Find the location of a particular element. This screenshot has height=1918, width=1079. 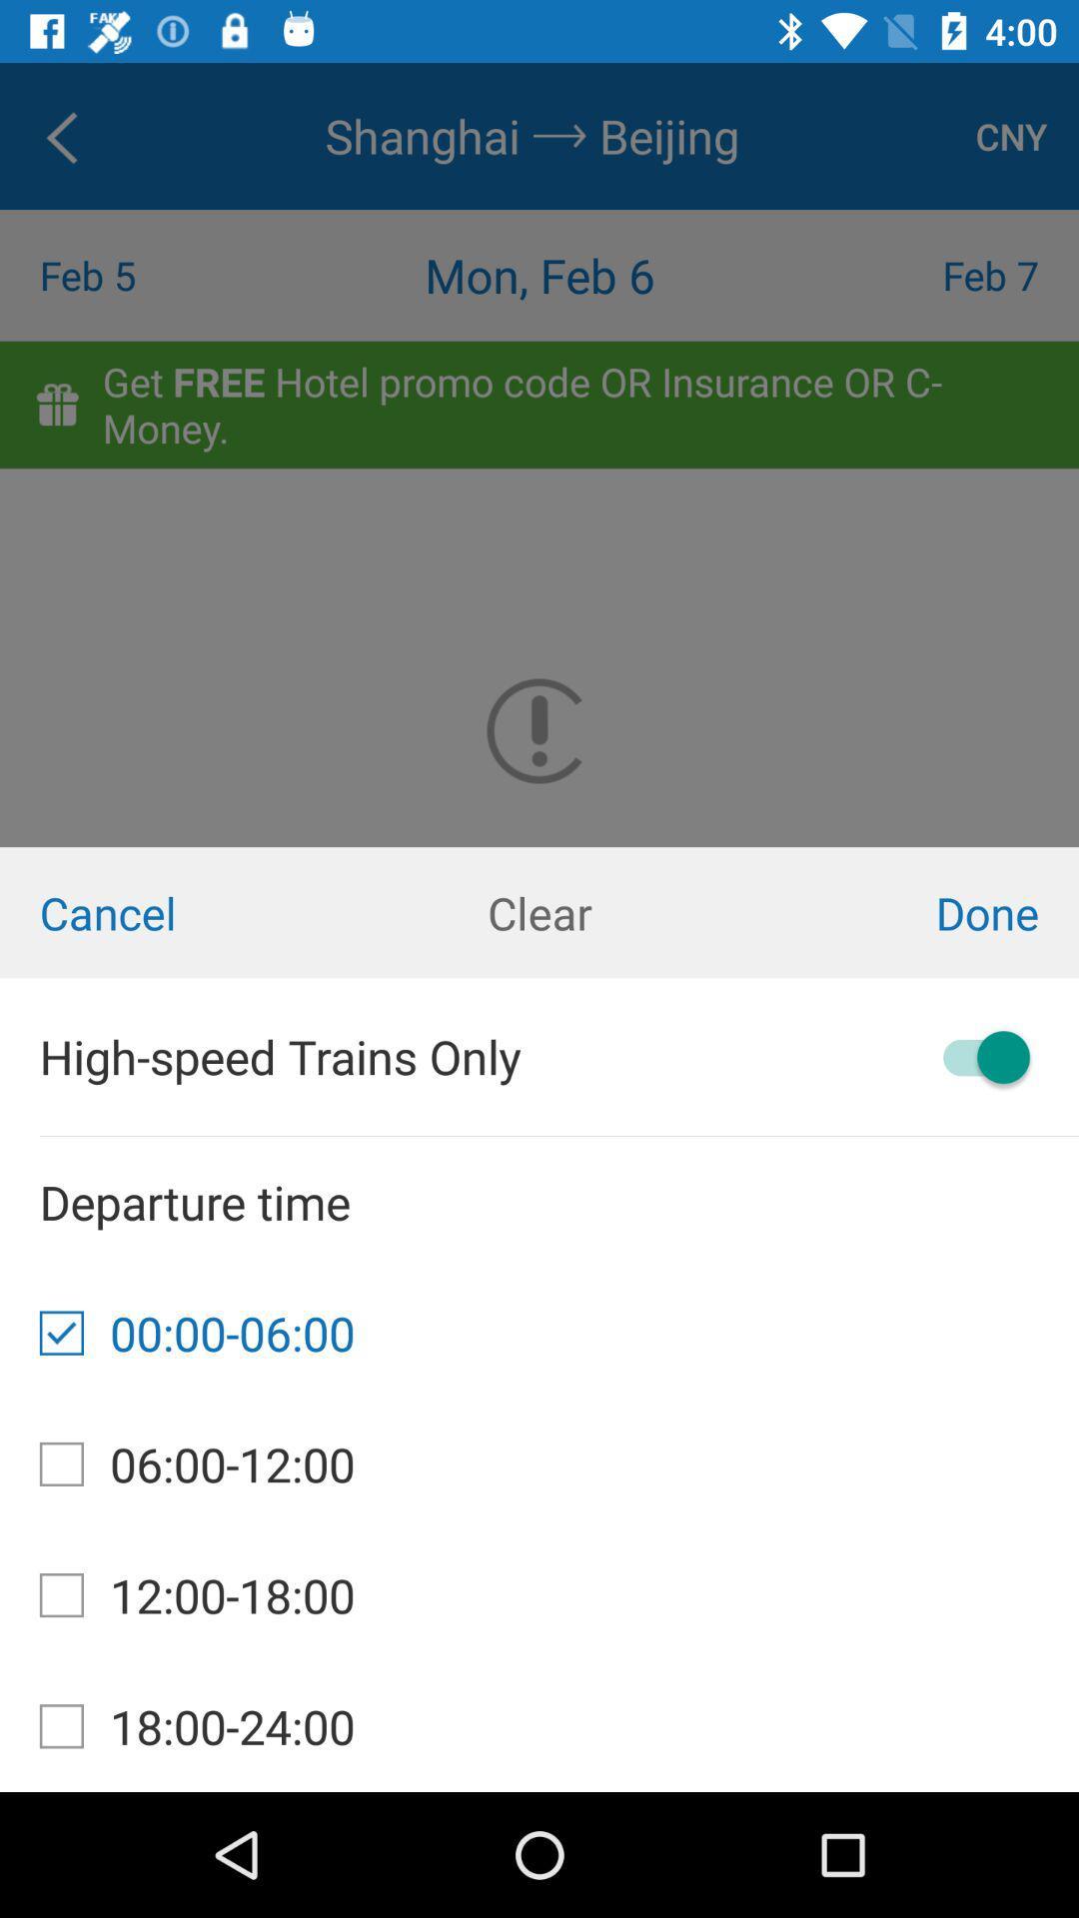

switch high-speed trains only option is located at coordinates (976, 1056).